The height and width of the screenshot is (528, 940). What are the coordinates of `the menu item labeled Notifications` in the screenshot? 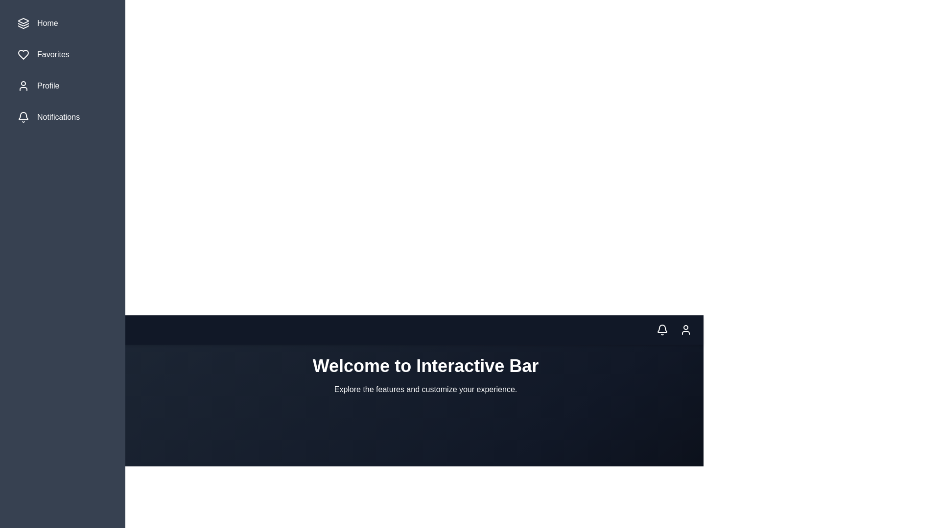 It's located at (62, 116).